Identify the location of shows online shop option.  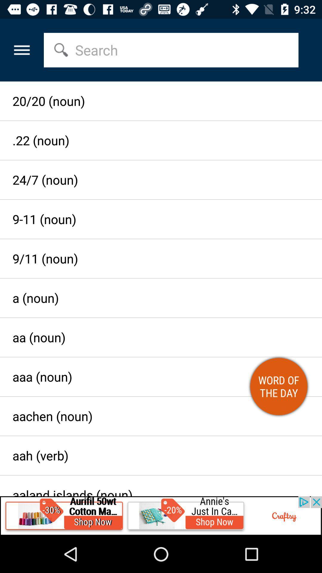
(161, 515).